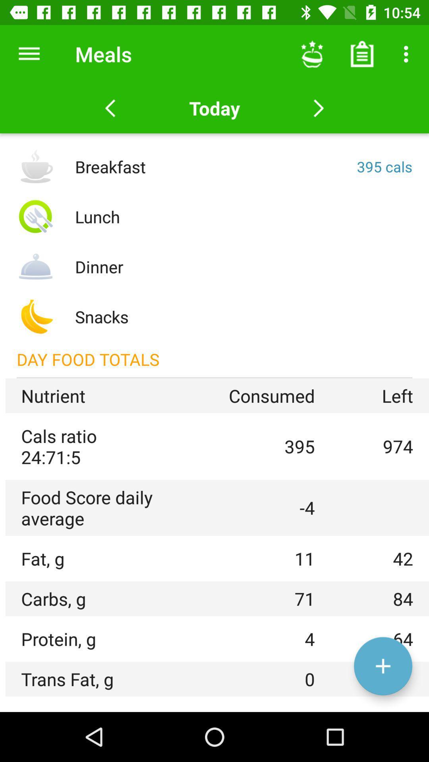 The width and height of the screenshot is (429, 762). Describe the element at coordinates (383, 666) in the screenshot. I see `the add icon` at that location.